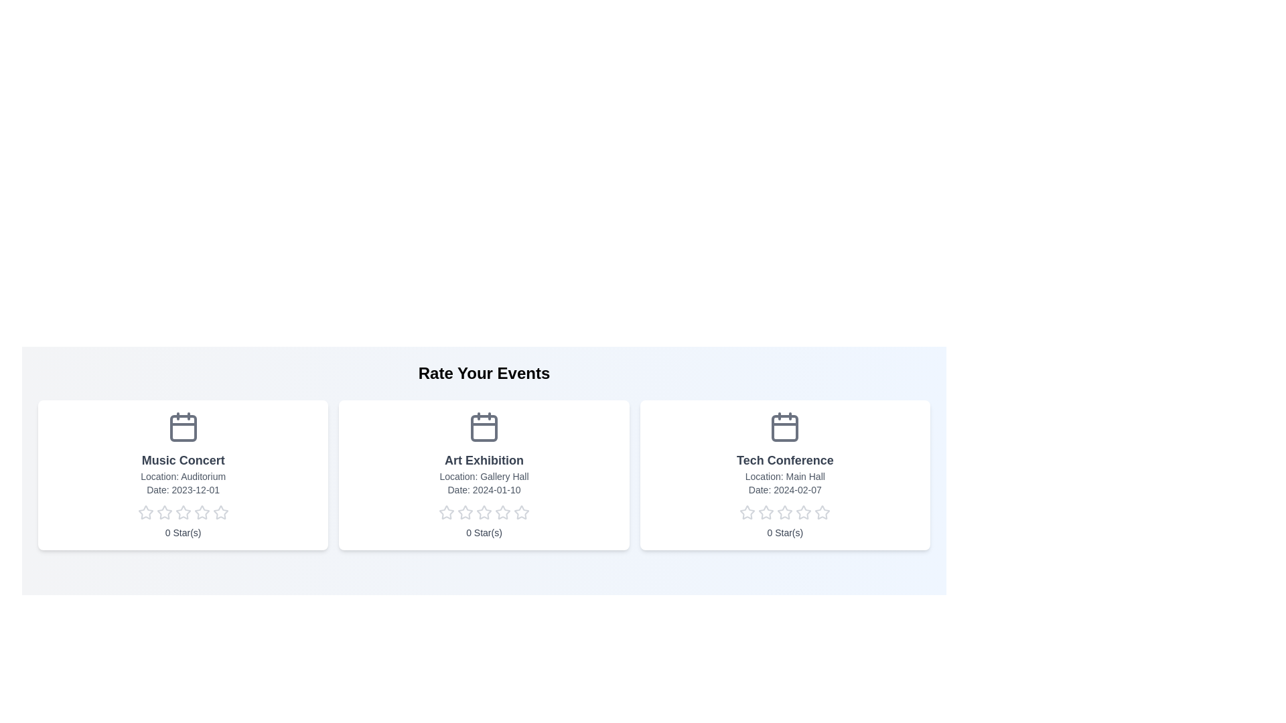 The height and width of the screenshot is (723, 1286). I want to click on the event card for Tech Conference to navigate to its details, so click(785, 474).